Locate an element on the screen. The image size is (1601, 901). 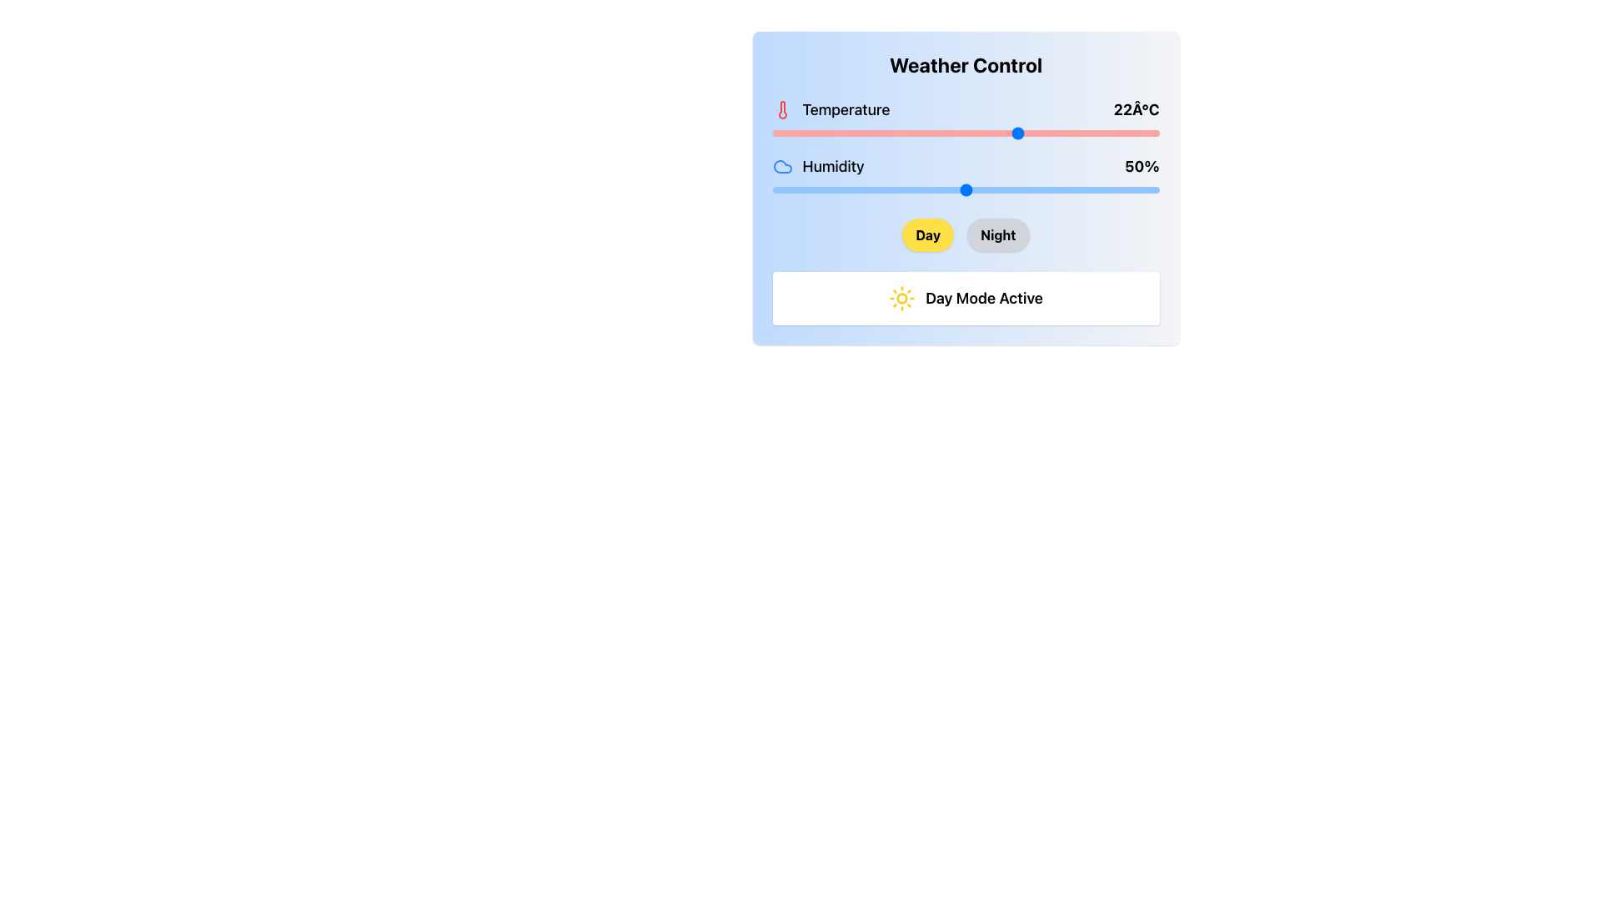
the 'Temperature' text label, which is styled with a larger font size and medium weight, black in color, and positioned to the right of a red thermometer icon within the top left section of the interface is located at coordinates (846, 109).